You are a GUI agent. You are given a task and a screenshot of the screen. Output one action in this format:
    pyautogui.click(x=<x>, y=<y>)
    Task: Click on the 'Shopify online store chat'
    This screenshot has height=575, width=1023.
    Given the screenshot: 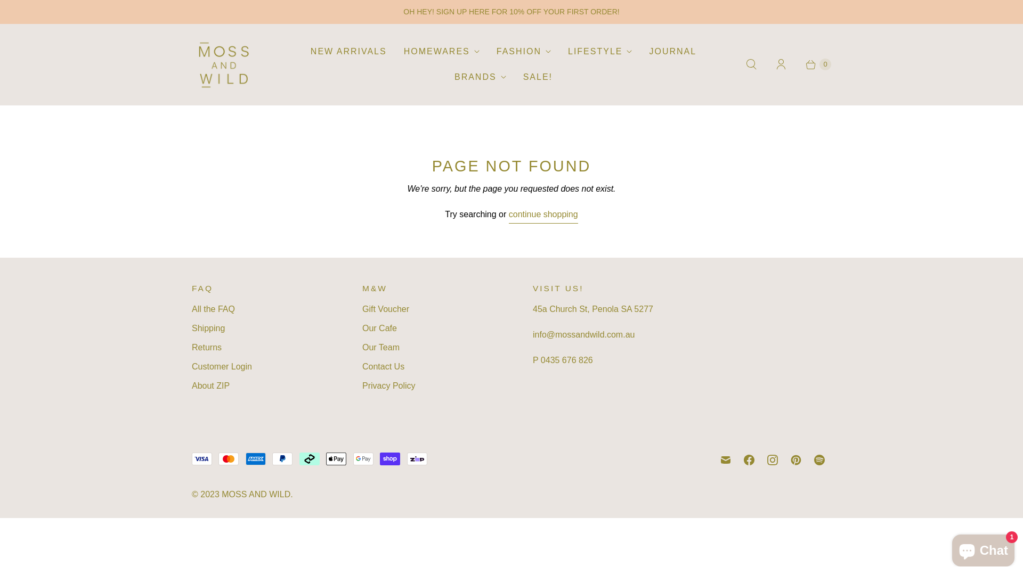 What is the action you would take?
    pyautogui.click(x=983, y=548)
    